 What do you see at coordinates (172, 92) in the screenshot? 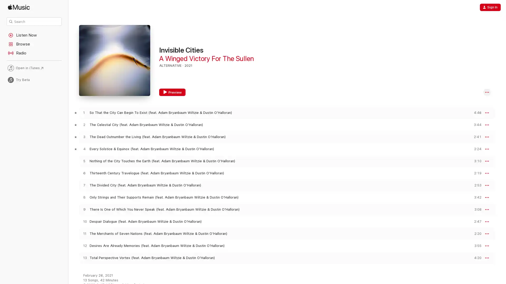
I see `Preview` at bounding box center [172, 92].